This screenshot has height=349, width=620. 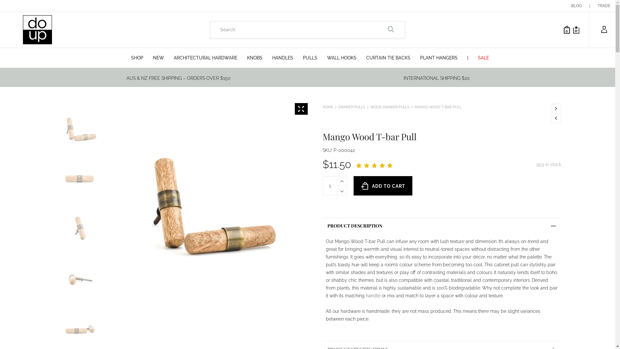 What do you see at coordinates (483, 57) in the screenshot?
I see `'SALE'` at bounding box center [483, 57].